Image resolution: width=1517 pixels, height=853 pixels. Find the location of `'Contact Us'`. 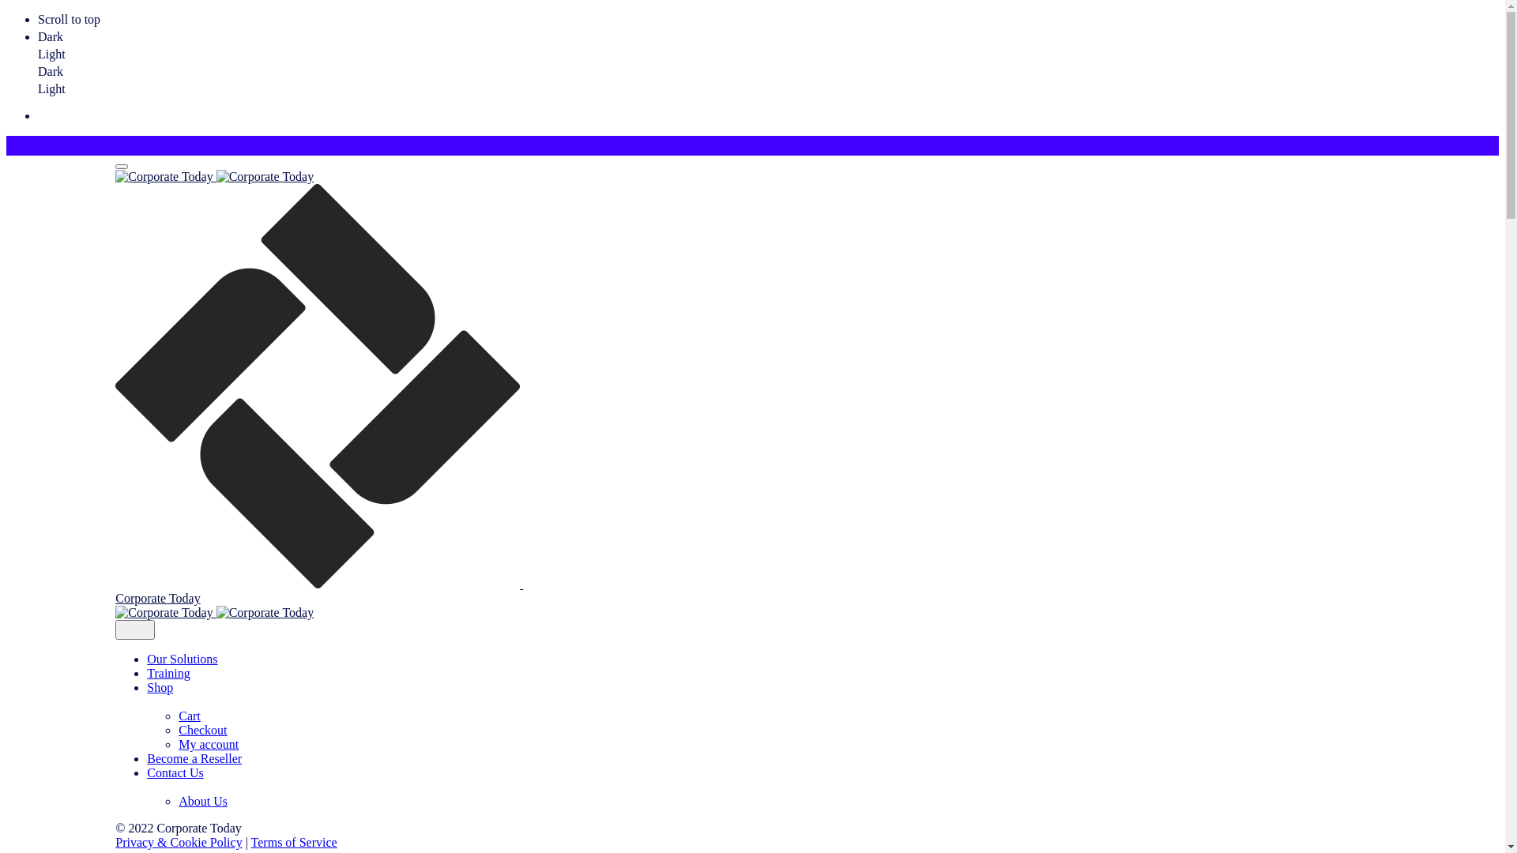

'Contact Us' is located at coordinates (645, 779).